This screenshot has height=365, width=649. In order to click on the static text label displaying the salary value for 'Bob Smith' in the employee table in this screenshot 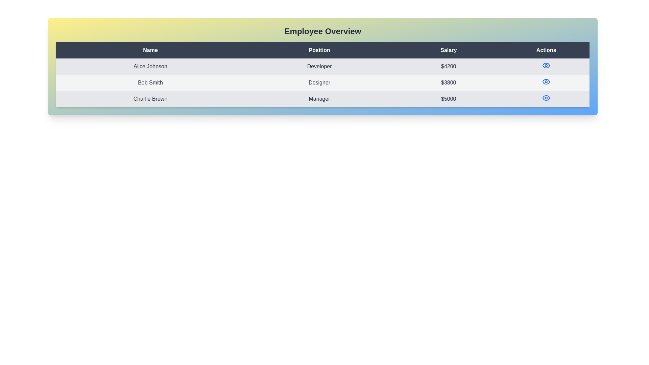, I will do `click(449, 82)`.